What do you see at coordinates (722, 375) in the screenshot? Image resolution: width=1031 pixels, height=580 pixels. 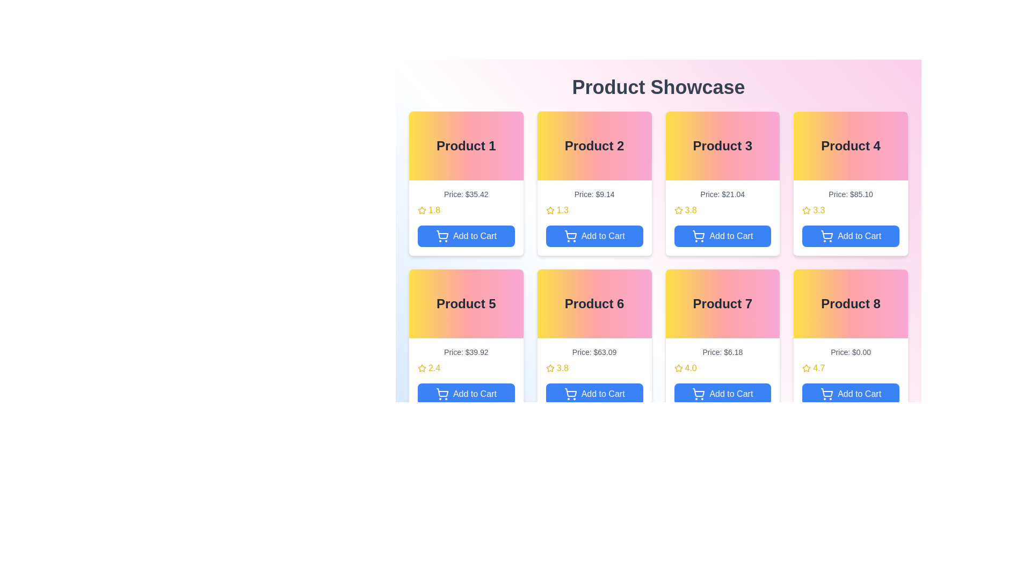 I see `the 'Add to Cart' button located centrally within the 'Product 7' component that displays the price and rating` at bounding box center [722, 375].